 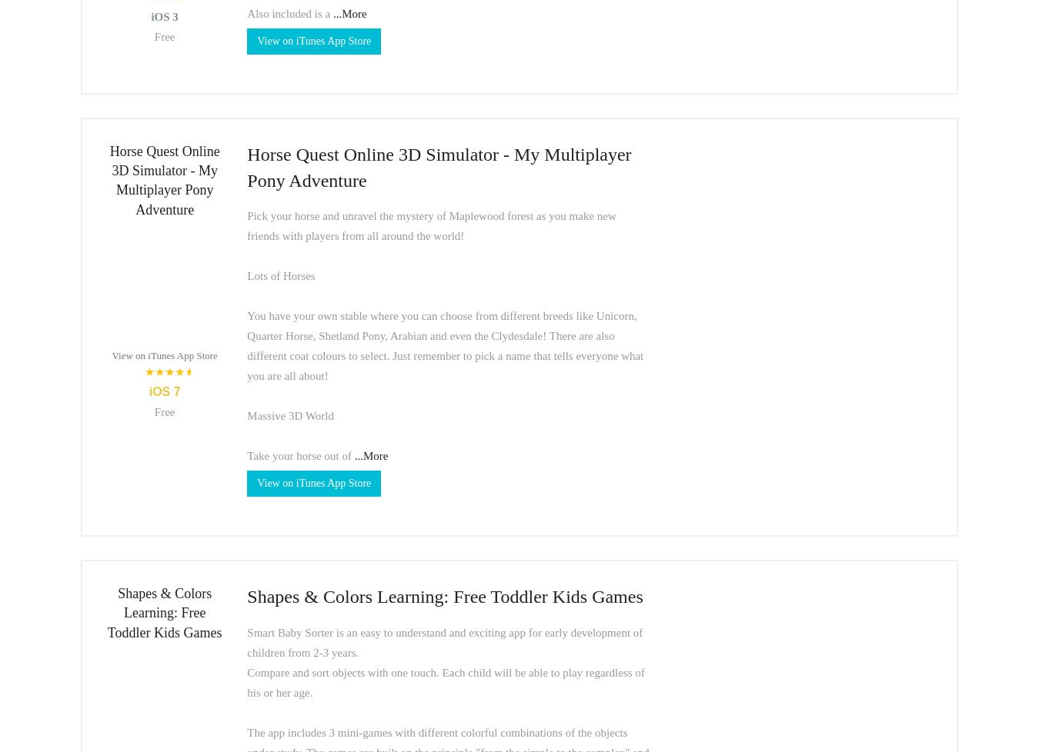 I want to click on 'You have your own stable where you can choose from different breeds like Unicorn, Quarter Horse, Shetland Pony, Arabian and even the Clydesdale! There are also different coat colours to select. Just remember to pick a name that tells everyone what you are all about!', so click(x=445, y=344).